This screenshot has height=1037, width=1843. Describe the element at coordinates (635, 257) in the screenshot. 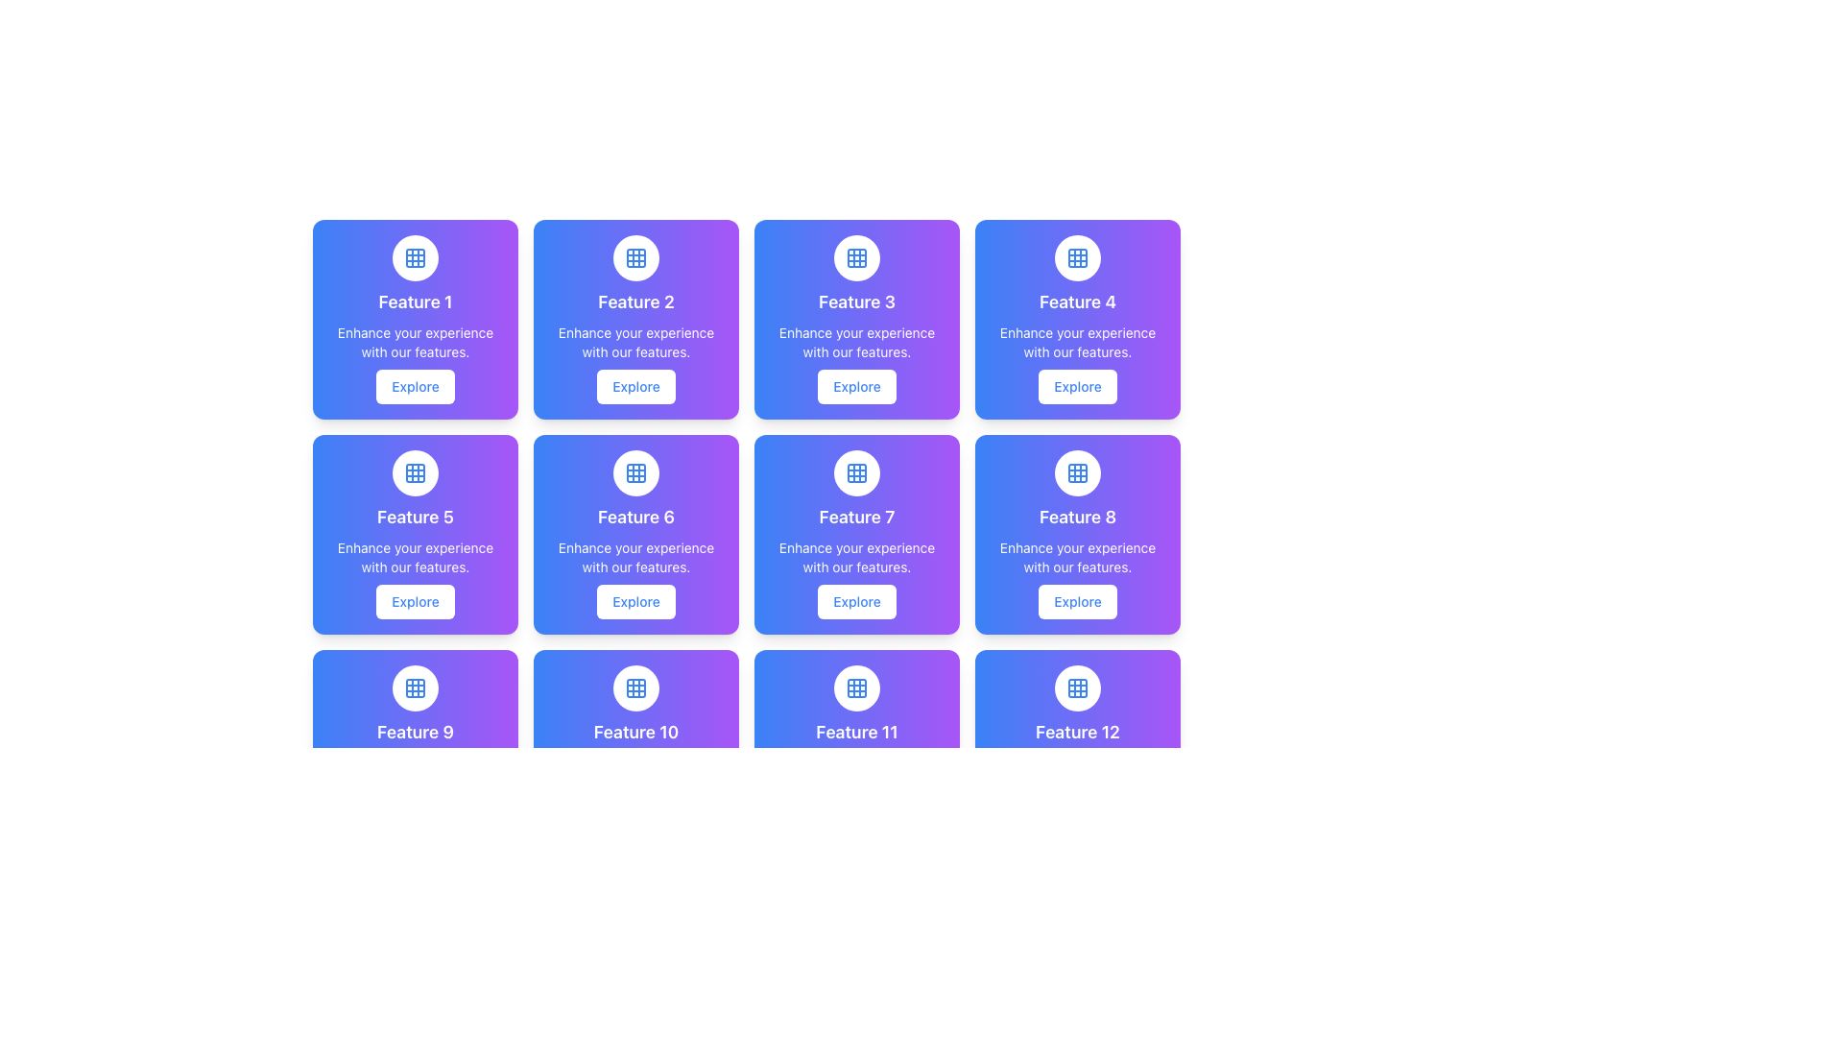

I see `the decorative icon that visually represents the grid or features icon for the card labeled 'Feature 2', centrally placed at the top of the card` at that location.